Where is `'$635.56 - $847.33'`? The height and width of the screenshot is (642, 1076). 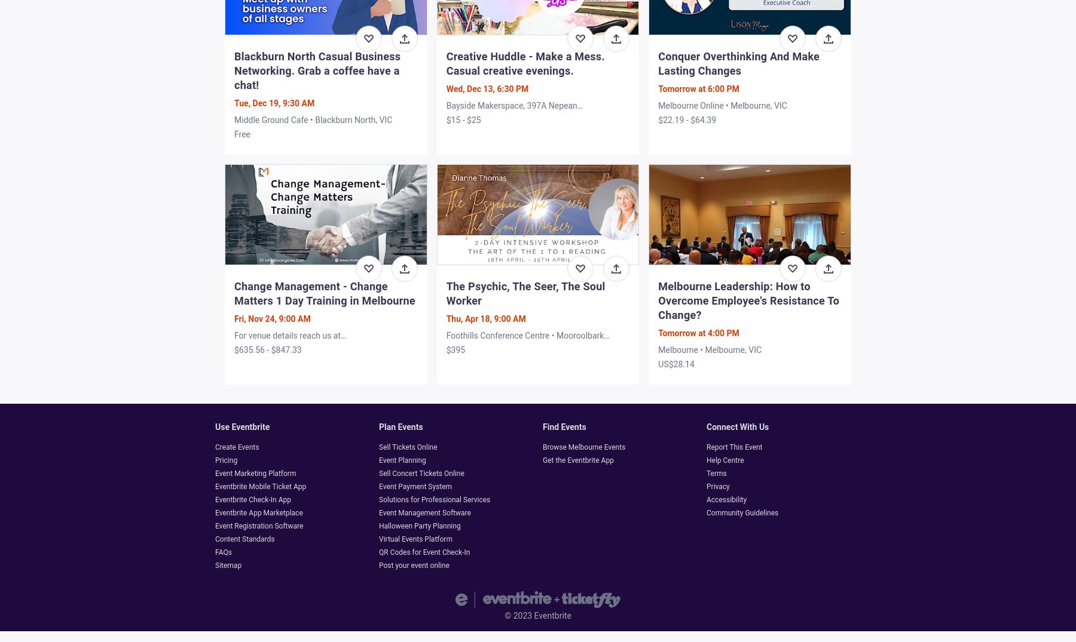
'$635.56 - $847.33' is located at coordinates (268, 349).